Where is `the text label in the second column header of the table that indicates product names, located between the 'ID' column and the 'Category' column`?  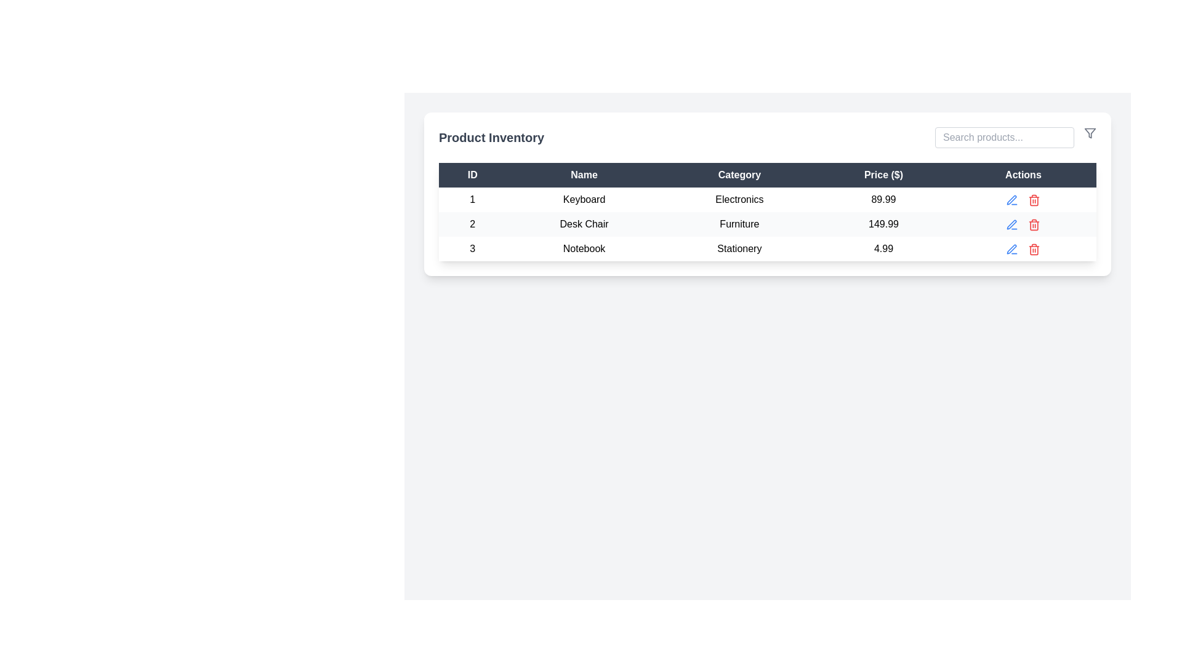 the text label in the second column header of the table that indicates product names, located between the 'ID' column and the 'Category' column is located at coordinates (584, 175).